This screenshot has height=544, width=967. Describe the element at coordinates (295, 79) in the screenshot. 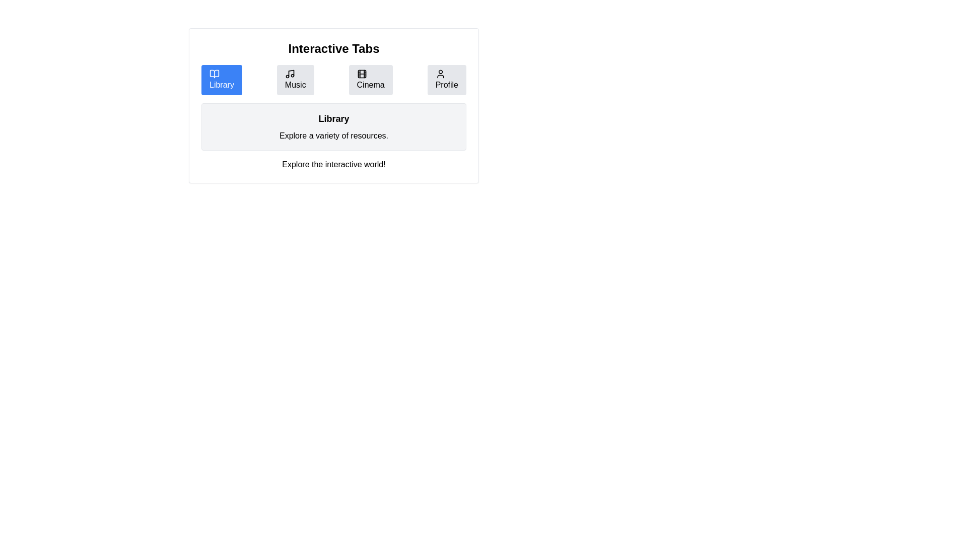

I see `the Music tab to view its content` at that location.